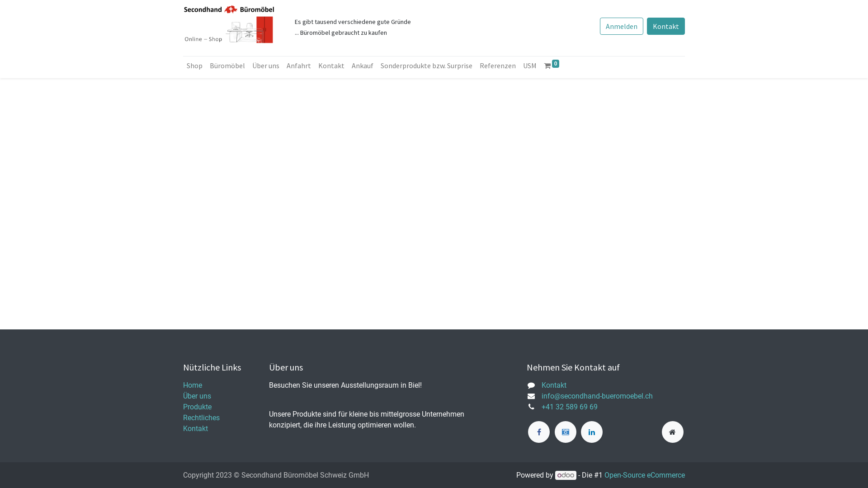 The width and height of the screenshot is (868, 488). I want to click on 'Produkte', so click(197, 407).